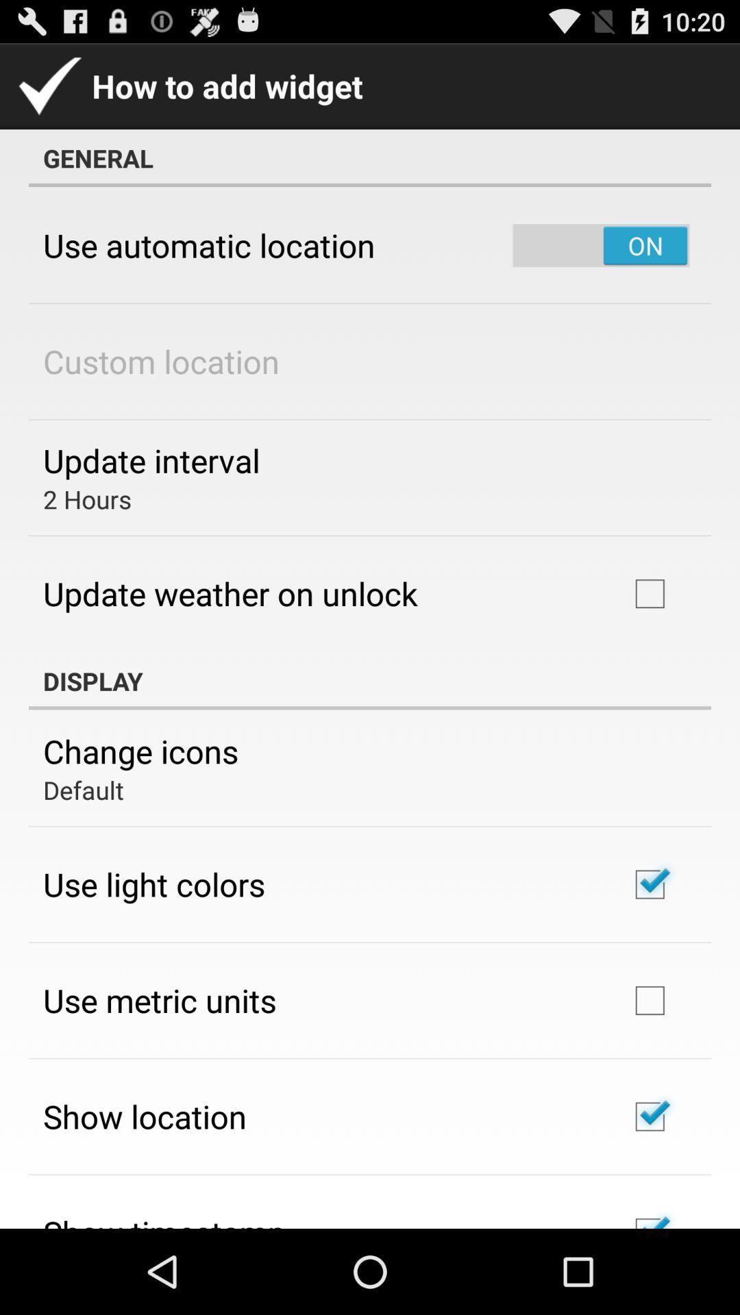 The image size is (740, 1315). Describe the element at coordinates (83, 790) in the screenshot. I see `the default app` at that location.